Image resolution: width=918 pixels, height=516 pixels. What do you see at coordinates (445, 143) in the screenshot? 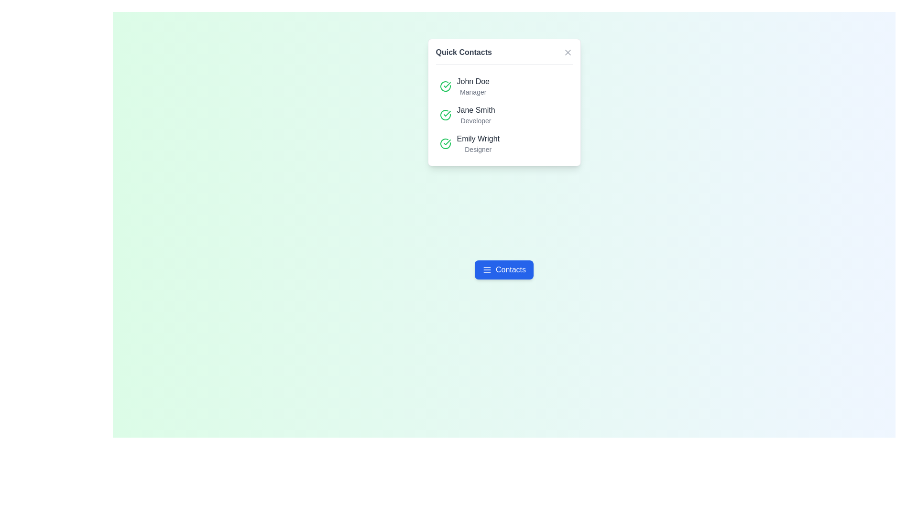
I see `the green circular icon with a checkmark representing the validation status of the contact 'John Doe' in the 'Quick Contacts' pop-up card` at bounding box center [445, 143].